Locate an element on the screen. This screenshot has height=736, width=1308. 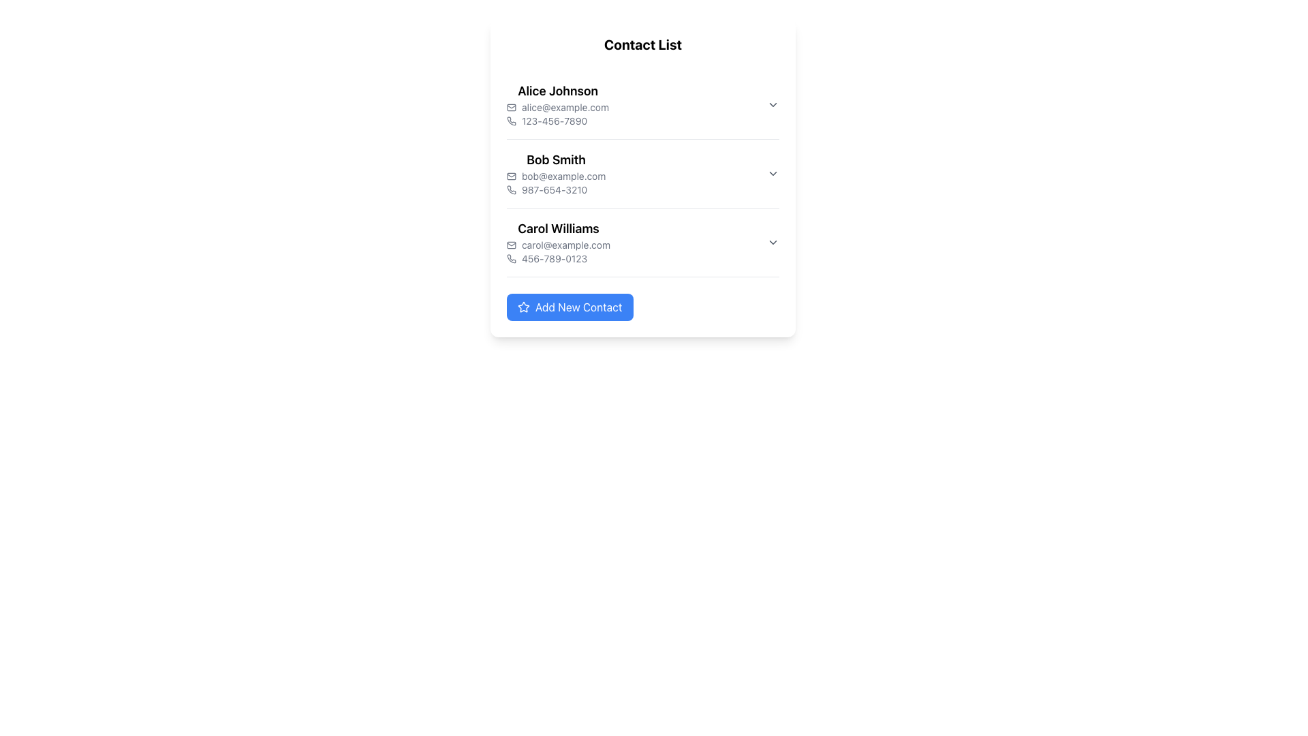
the first contact entry in the list, which displays the name 'Alice Johnson', email 'alice@example.com', and phone number '123-456-7890' is located at coordinates (642, 104).